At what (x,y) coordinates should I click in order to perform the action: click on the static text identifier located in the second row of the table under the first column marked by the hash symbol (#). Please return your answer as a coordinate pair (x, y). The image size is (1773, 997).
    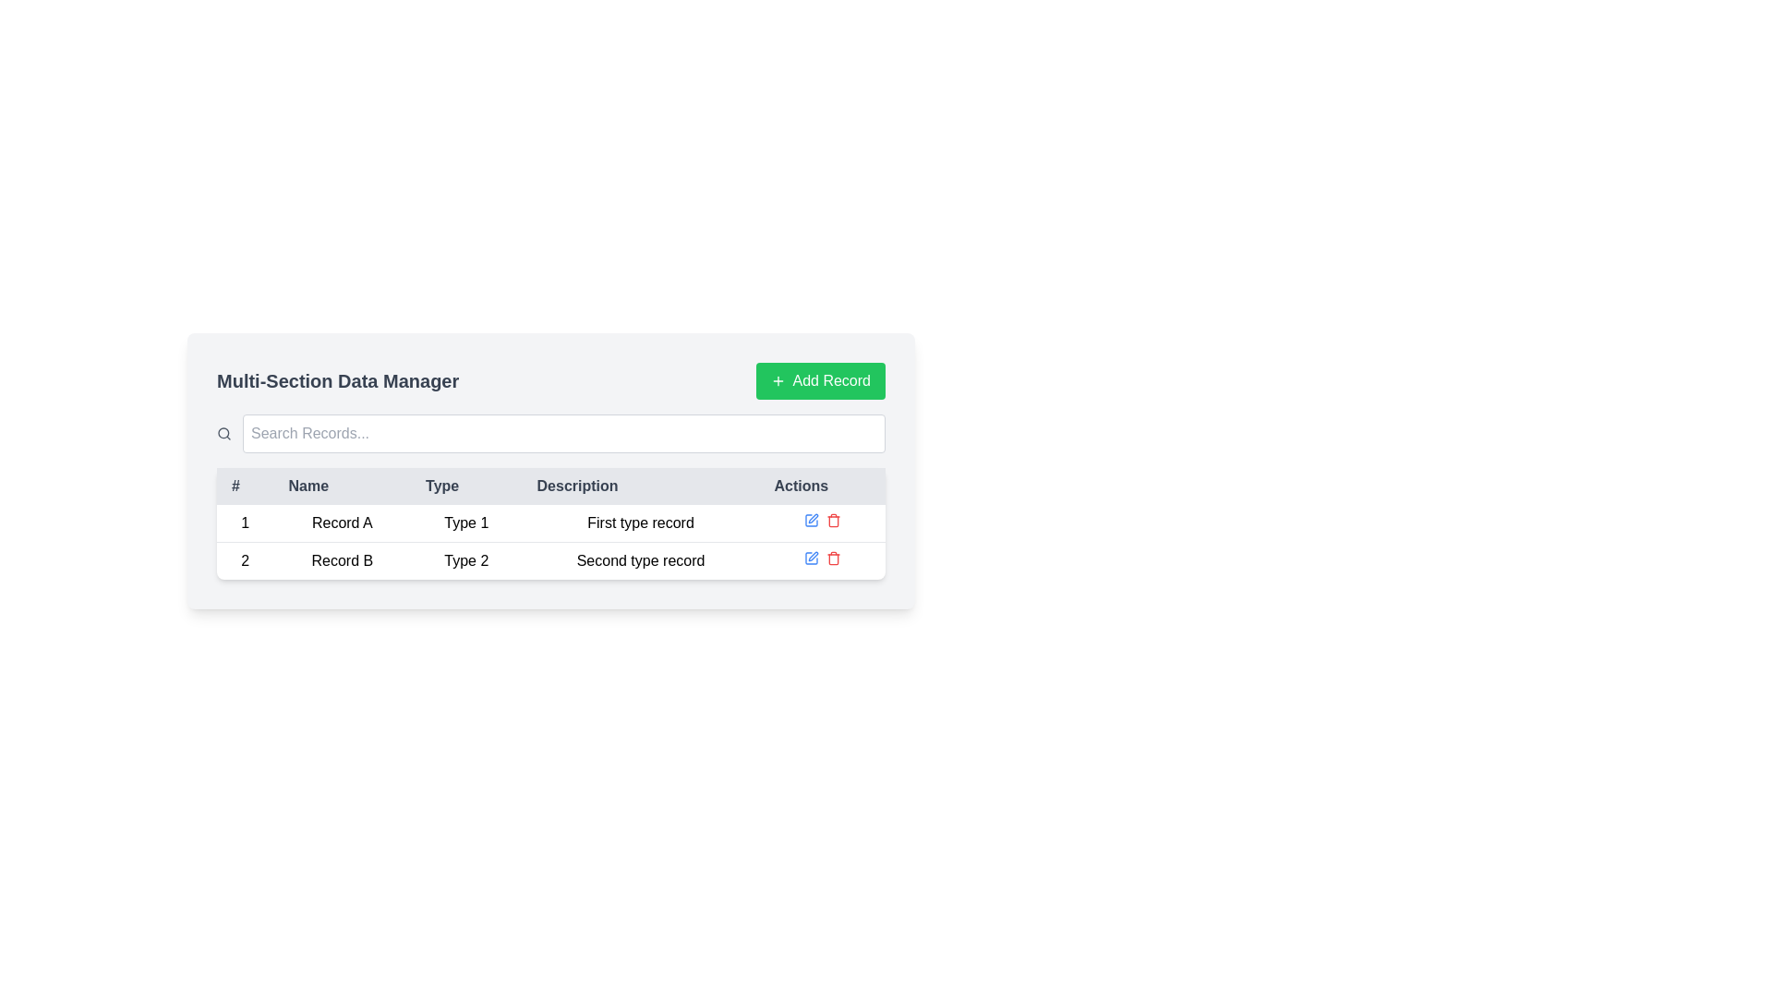
    Looking at the image, I should click on (244, 559).